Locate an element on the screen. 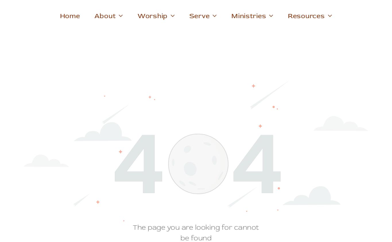 This screenshot has width=392, height=242. 'Ministries' is located at coordinates (248, 16).